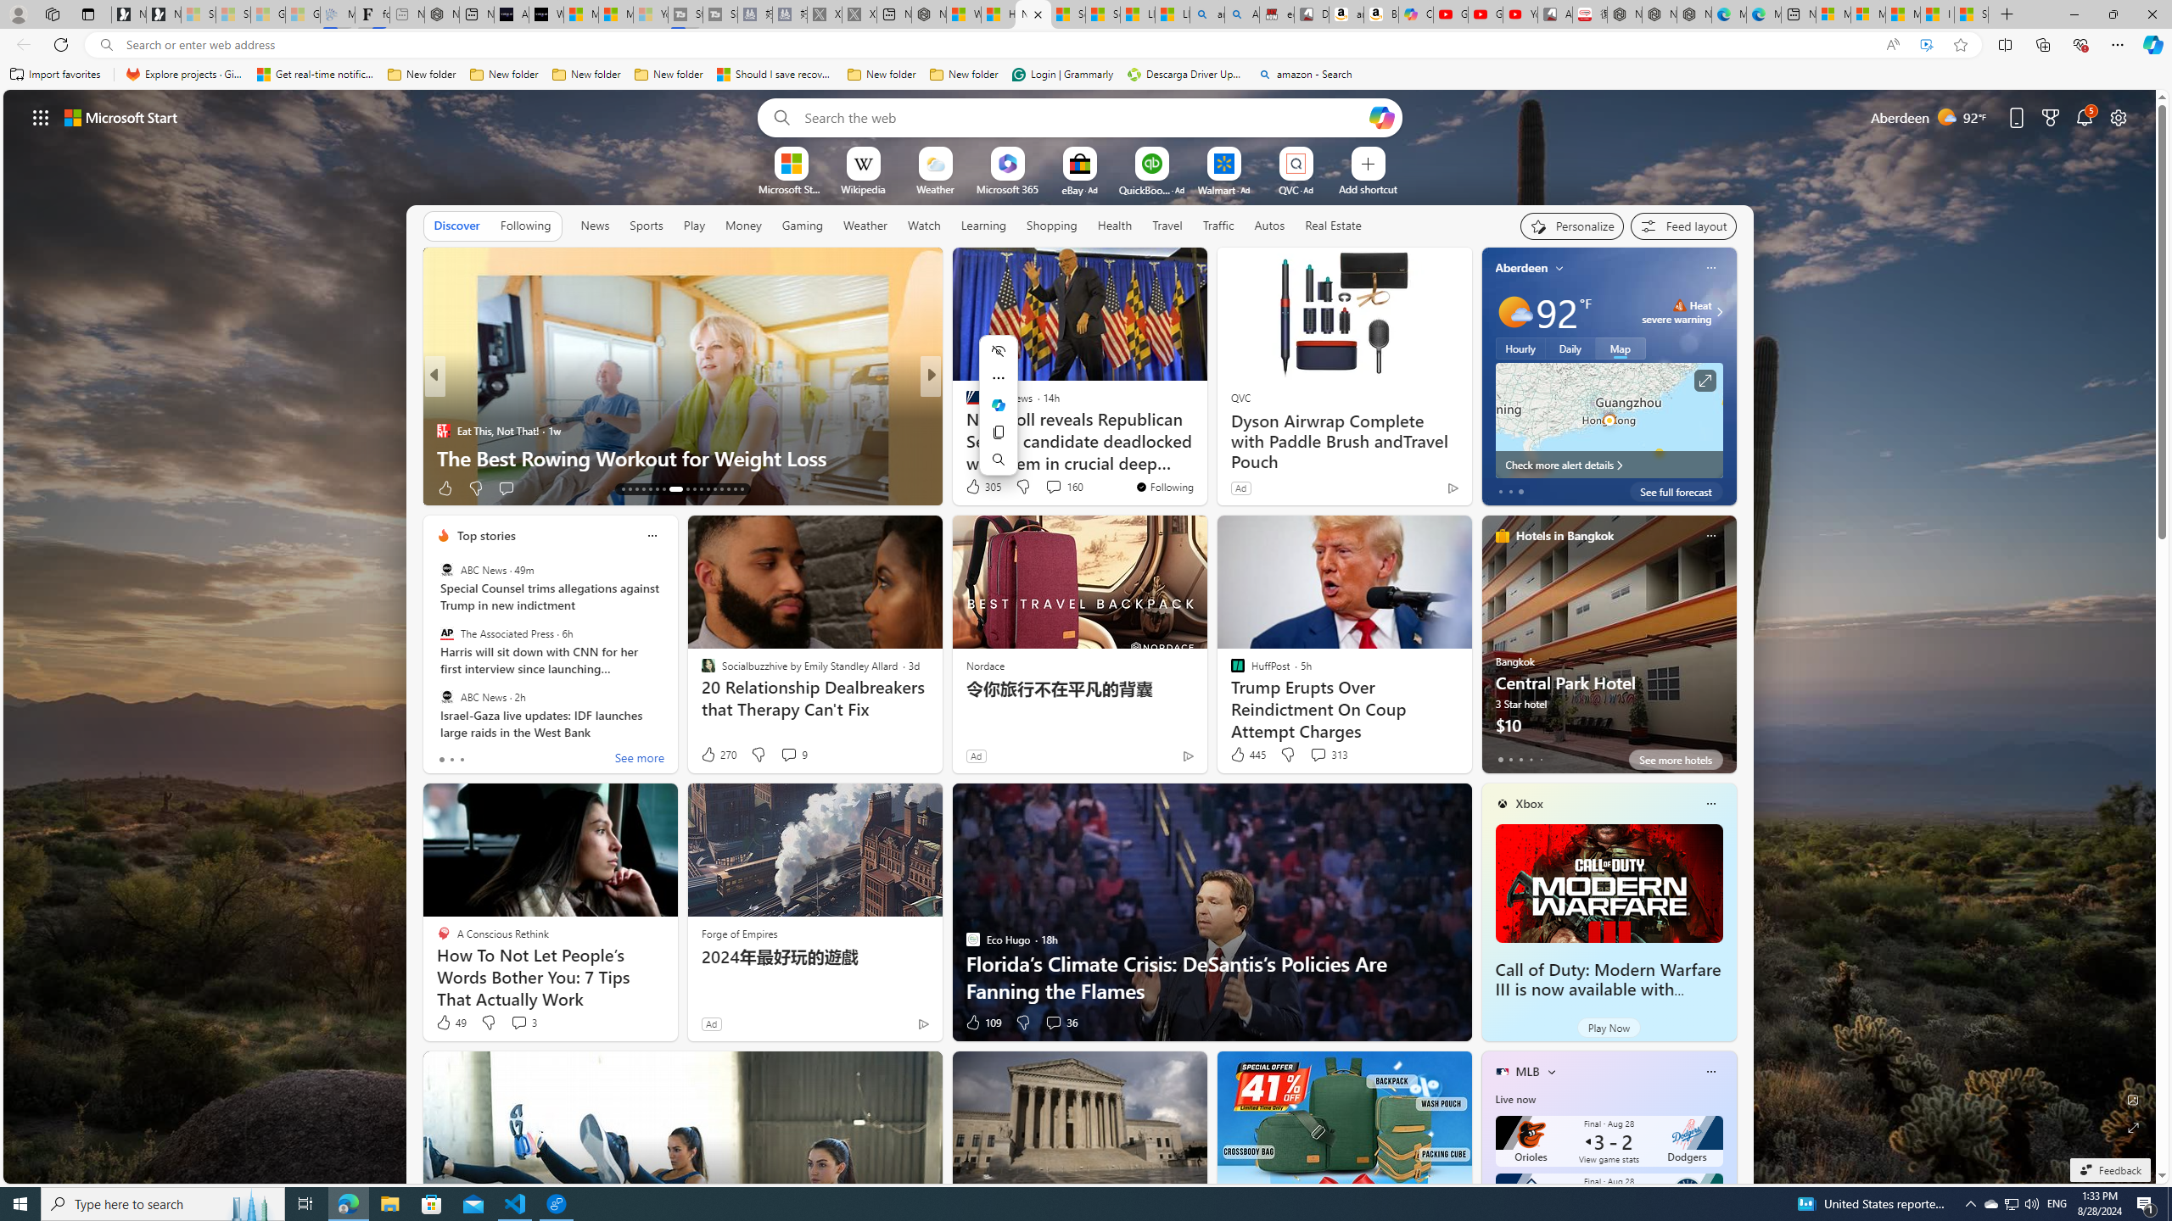 This screenshot has width=2172, height=1221. I want to click on 'Gaming', so click(802, 224).